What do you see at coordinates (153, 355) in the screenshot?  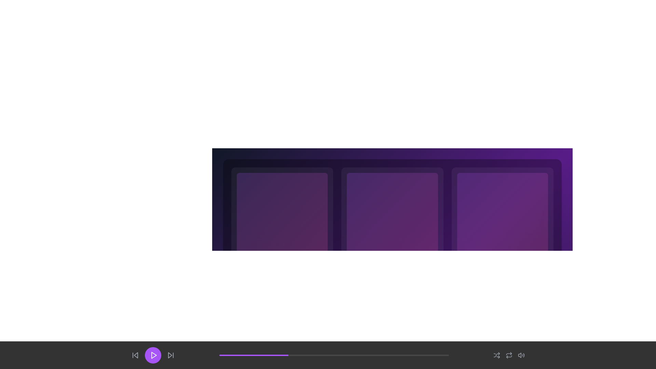 I see `the play button SVG icon, which is a triangular icon oriented rightward, located within a purple circular button at the center of the bottom navigation bar, to play the media` at bounding box center [153, 355].